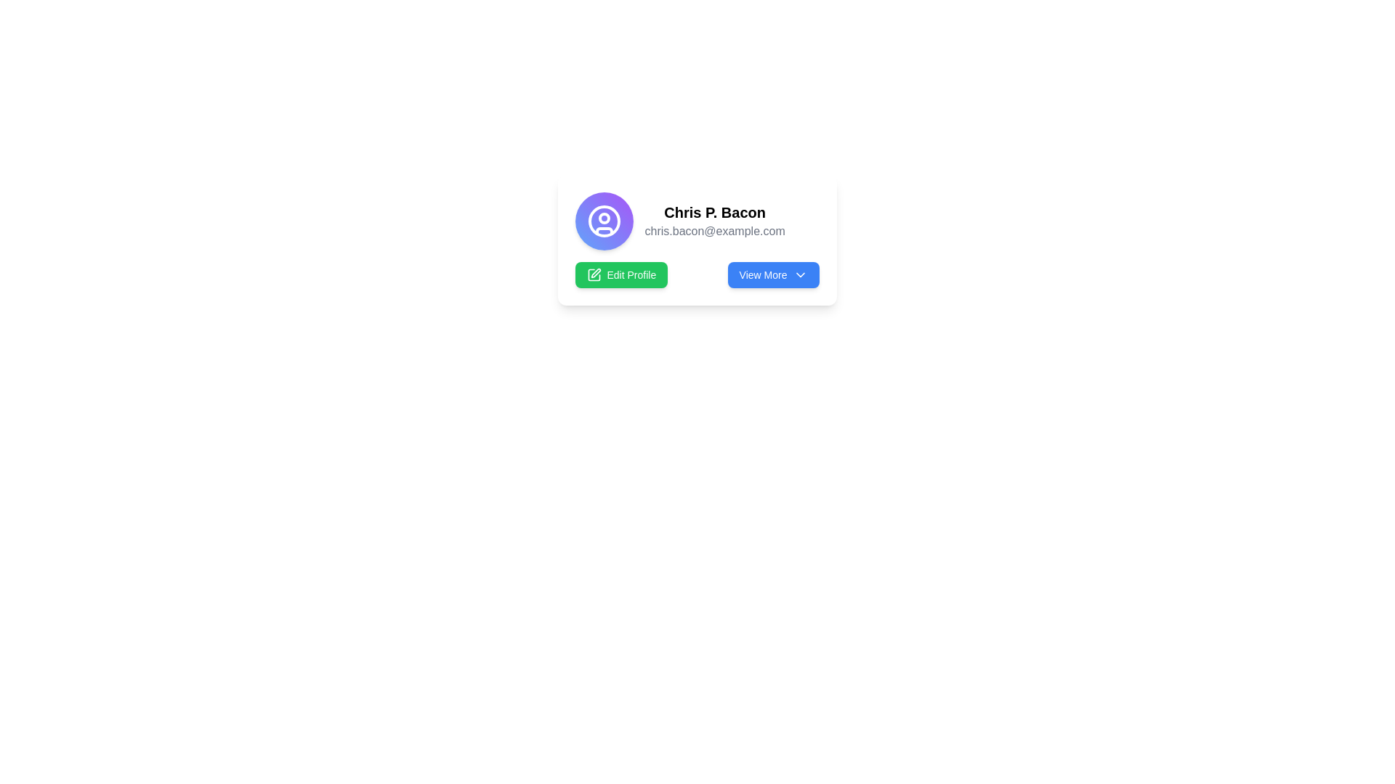 The width and height of the screenshot is (1395, 784). I want to click on the text block displaying 'Chris P. Bacon' and 'chris.bacon@example.com', which is located to the right of a circular profile icon and above the 'Edit Profile' and 'View More' buttons, so click(715, 221).